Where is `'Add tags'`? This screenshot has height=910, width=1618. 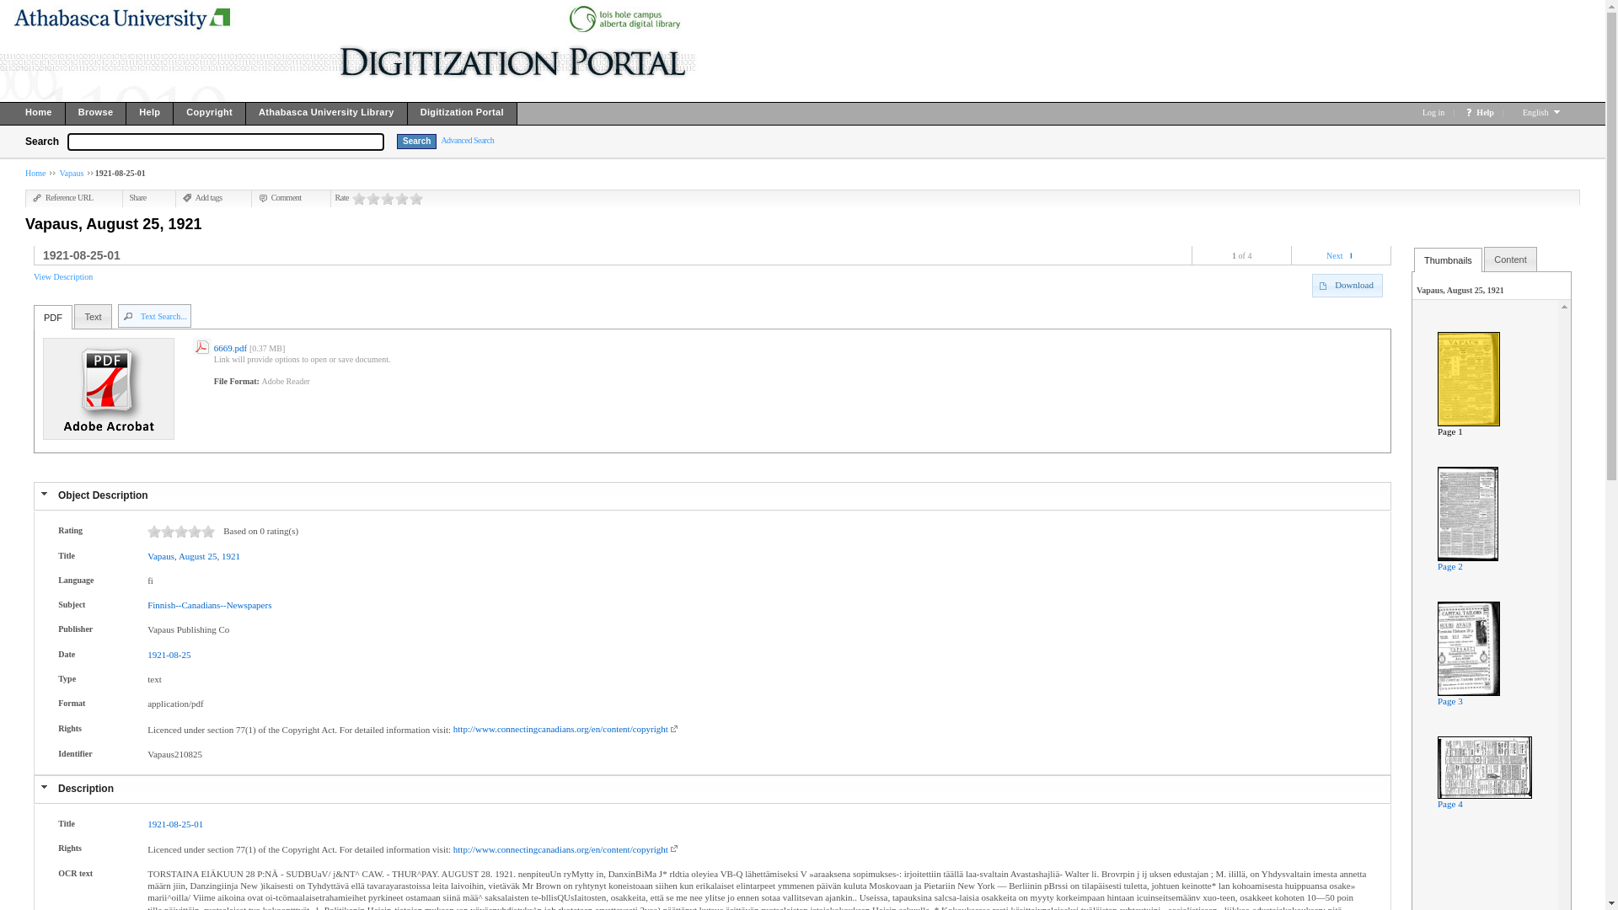
'Add tags' is located at coordinates (202, 196).